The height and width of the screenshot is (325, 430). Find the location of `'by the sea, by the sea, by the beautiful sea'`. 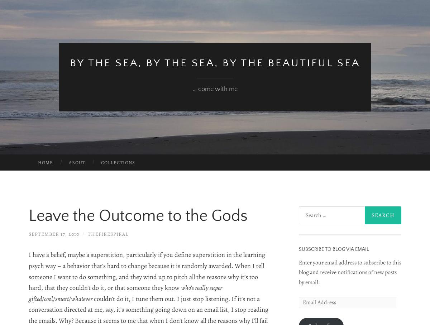

'by the sea, by the sea, by the beautiful sea' is located at coordinates (215, 62).